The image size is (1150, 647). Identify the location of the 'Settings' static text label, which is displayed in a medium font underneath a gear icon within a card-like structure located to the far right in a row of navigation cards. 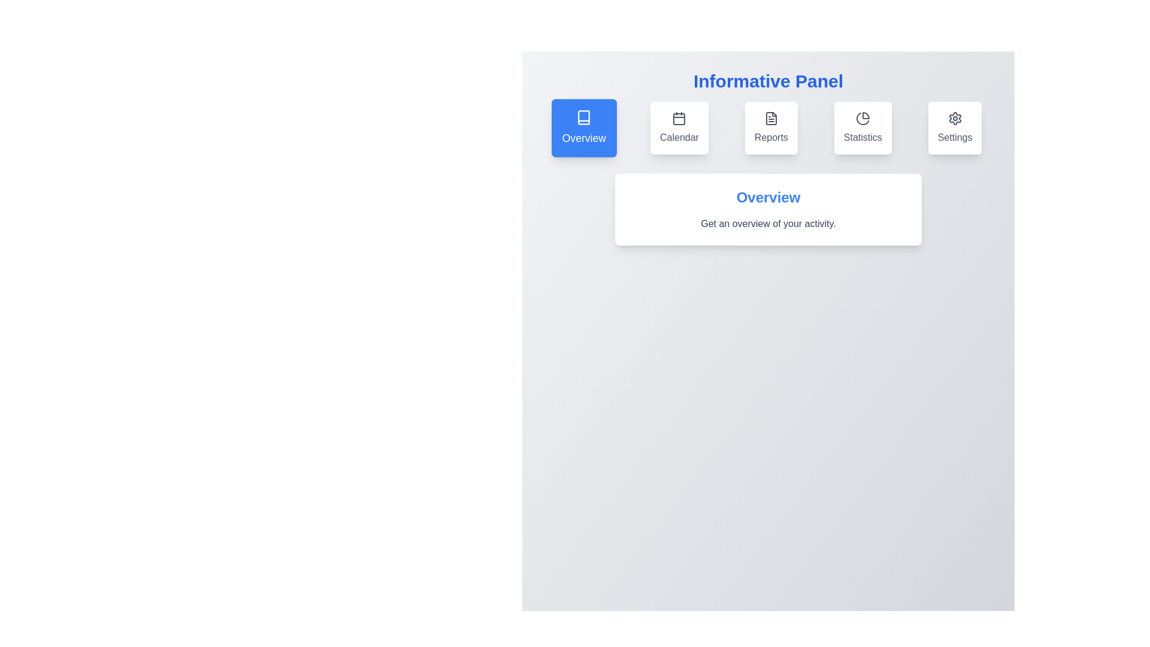
(954, 137).